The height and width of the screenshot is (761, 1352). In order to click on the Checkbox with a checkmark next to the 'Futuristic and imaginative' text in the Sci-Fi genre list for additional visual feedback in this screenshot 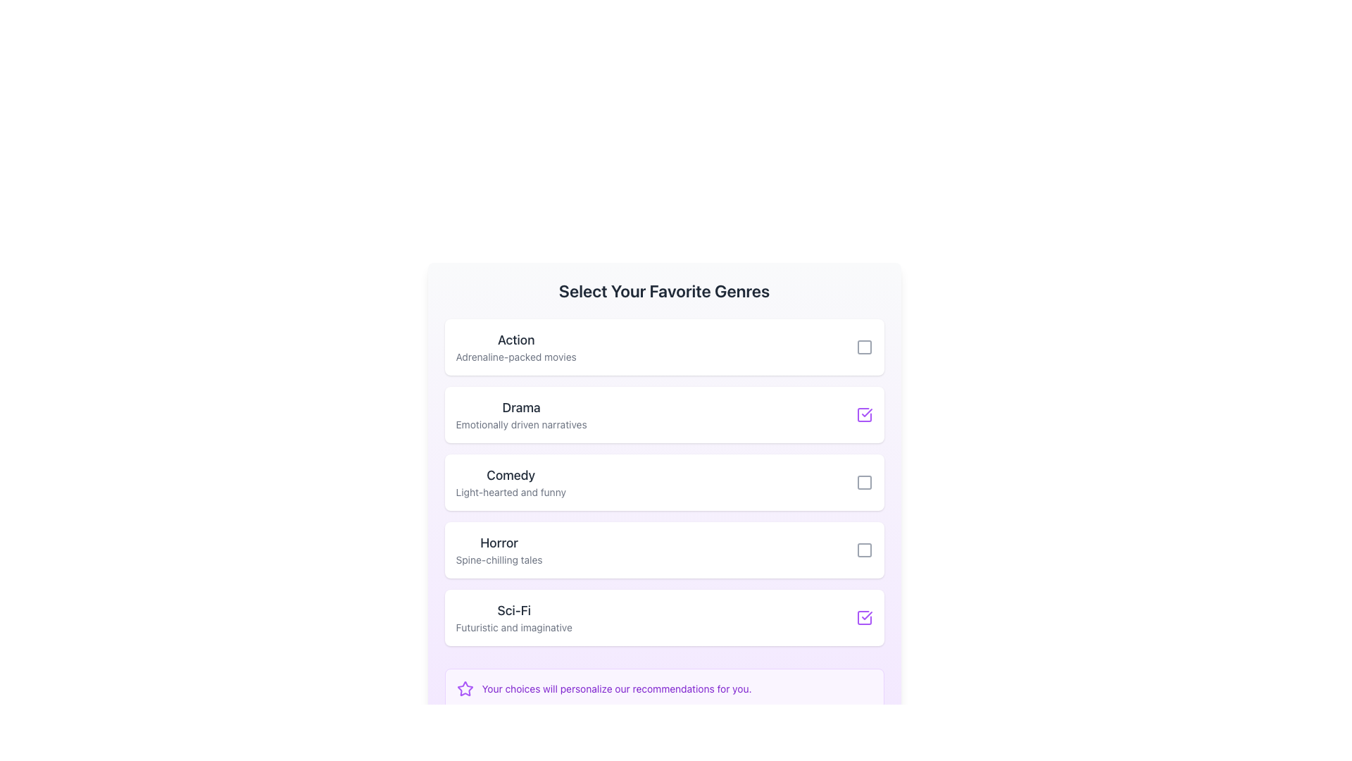, I will do `click(863, 617)`.